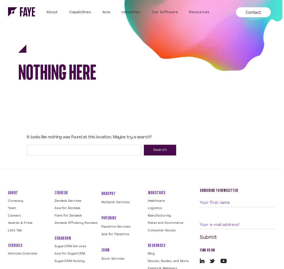 This screenshot has width=284, height=269. What do you see at coordinates (113, 259) in the screenshot?
I see `'Zoom Services'` at bounding box center [113, 259].